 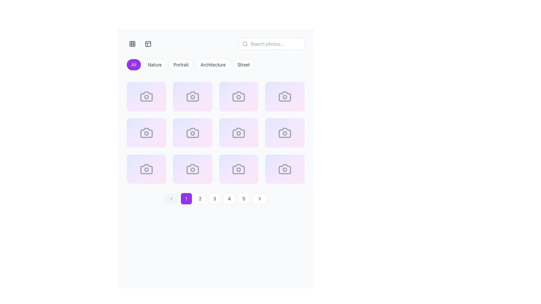 What do you see at coordinates (192, 174) in the screenshot?
I see `the Toolbar containing interactive icons below 'Photograph #10'` at bounding box center [192, 174].